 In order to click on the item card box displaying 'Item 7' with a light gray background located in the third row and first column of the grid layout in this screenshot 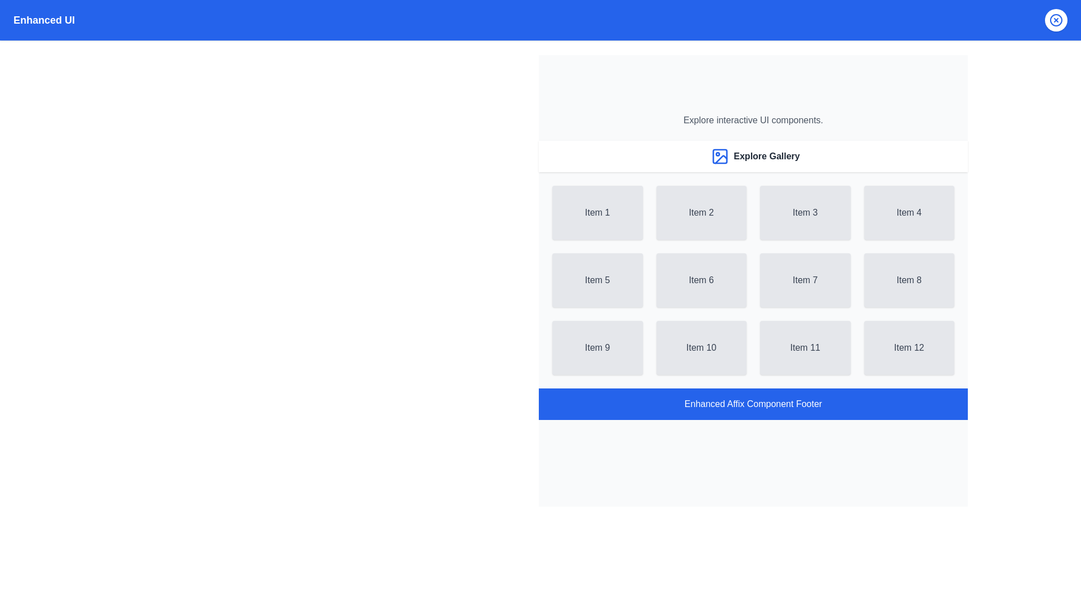, I will do `click(805, 279)`.